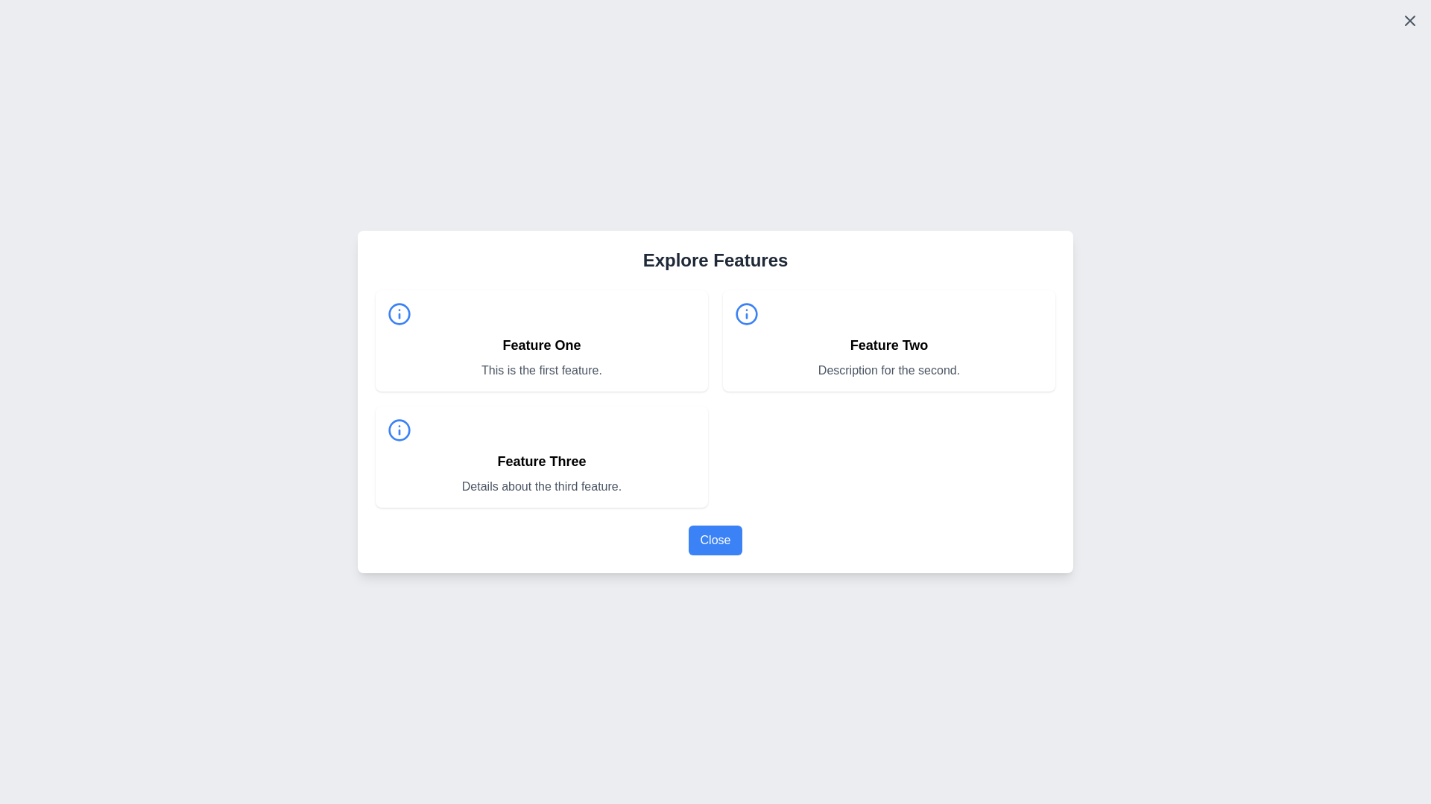 This screenshot has width=1431, height=804. What do you see at coordinates (715, 540) in the screenshot?
I see `the close button of the modal dialog` at bounding box center [715, 540].